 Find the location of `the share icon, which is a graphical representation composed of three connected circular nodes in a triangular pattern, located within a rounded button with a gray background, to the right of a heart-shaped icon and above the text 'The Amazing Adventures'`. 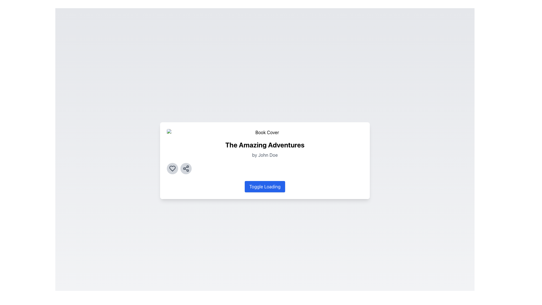

the share icon, which is a graphical representation composed of three connected circular nodes in a triangular pattern, located within a rounded button with a gray background, to the right of a heart-shaped icon and above the text 'The Amazing Adventures' is located at coordinates (186, 168).